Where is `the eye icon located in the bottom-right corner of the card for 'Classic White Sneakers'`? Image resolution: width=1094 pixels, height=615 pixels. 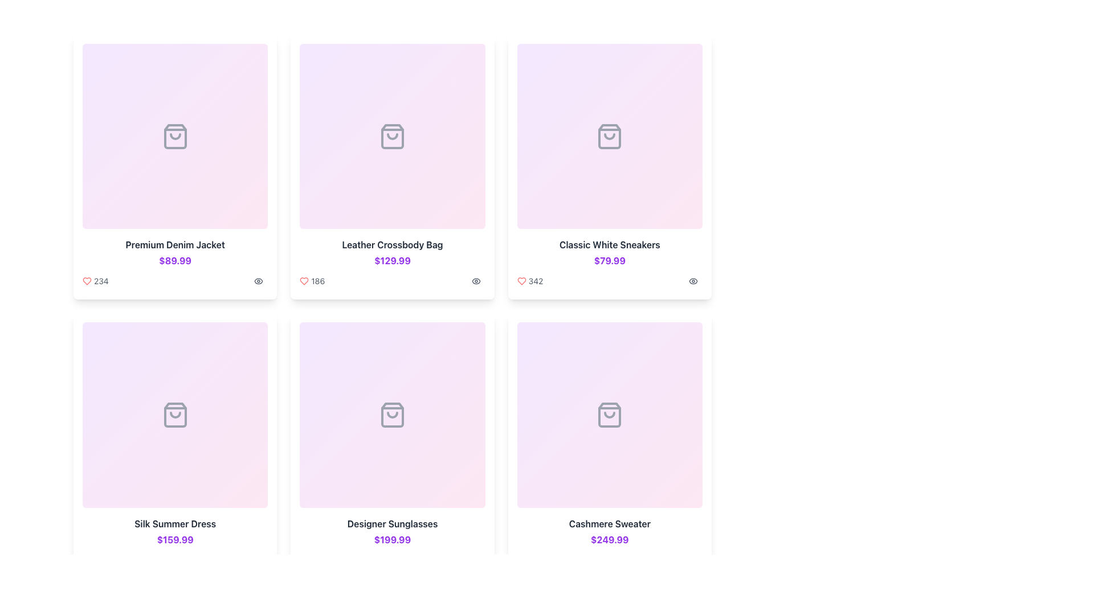
the eye icon located in the bottom-right corner of the card for 'Classic White Sneakers' is located at coordinates (693, 281).